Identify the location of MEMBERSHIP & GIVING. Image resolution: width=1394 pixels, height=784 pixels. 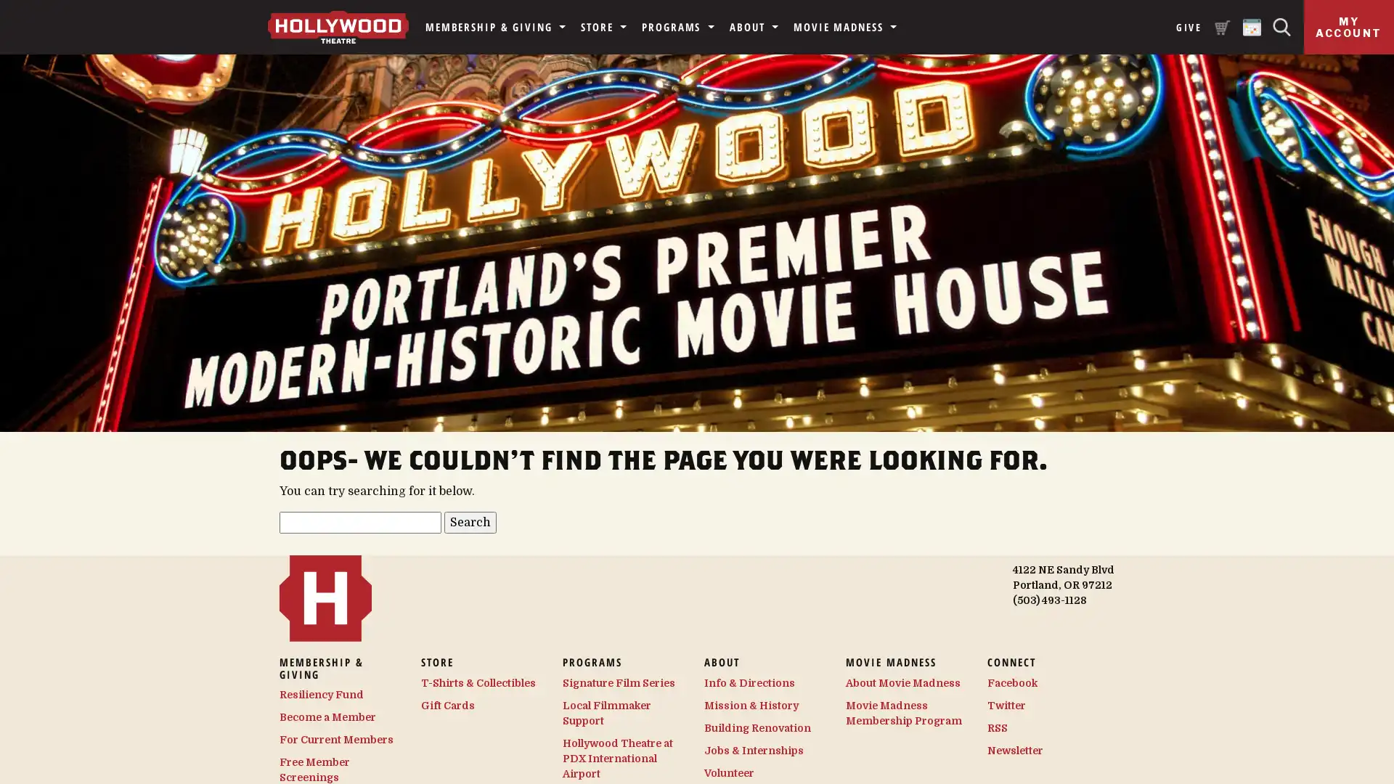
(494, 27).